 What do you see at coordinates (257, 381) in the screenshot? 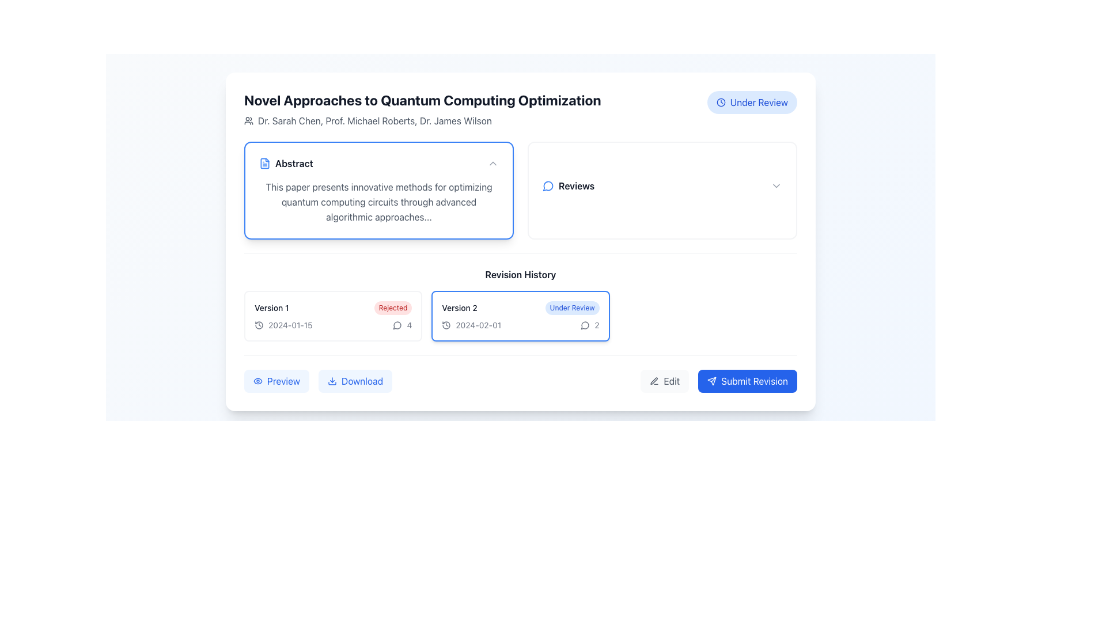
I see `the icon located to the left of the text within the 'Preview' button in the bottom left corner of the main panel` at bounding box center [257, 381].